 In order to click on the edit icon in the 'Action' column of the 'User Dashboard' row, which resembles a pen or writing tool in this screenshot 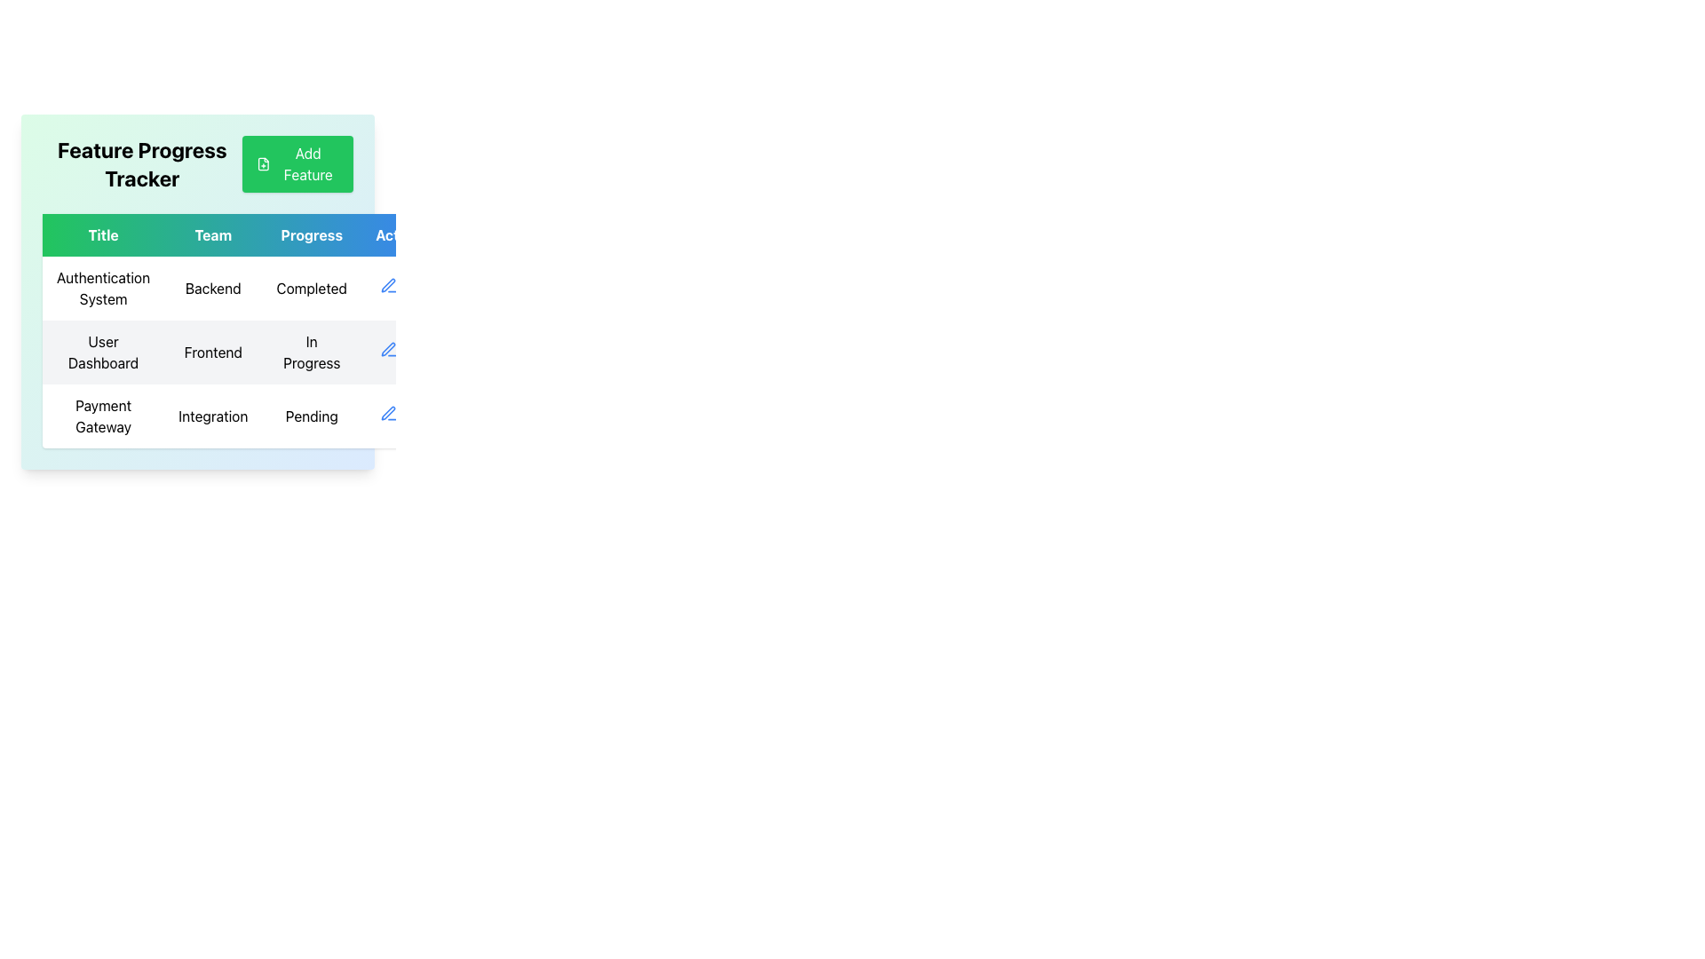, I will do `click(387, 349)`.